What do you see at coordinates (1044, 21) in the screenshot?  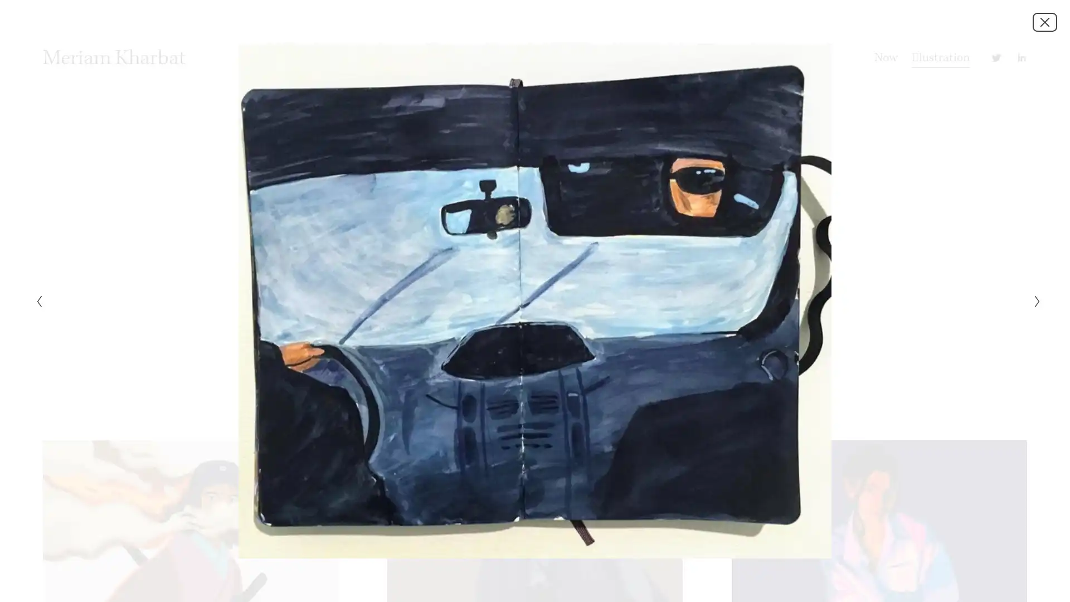 I see `Close` at bounding box center [1044, 21].